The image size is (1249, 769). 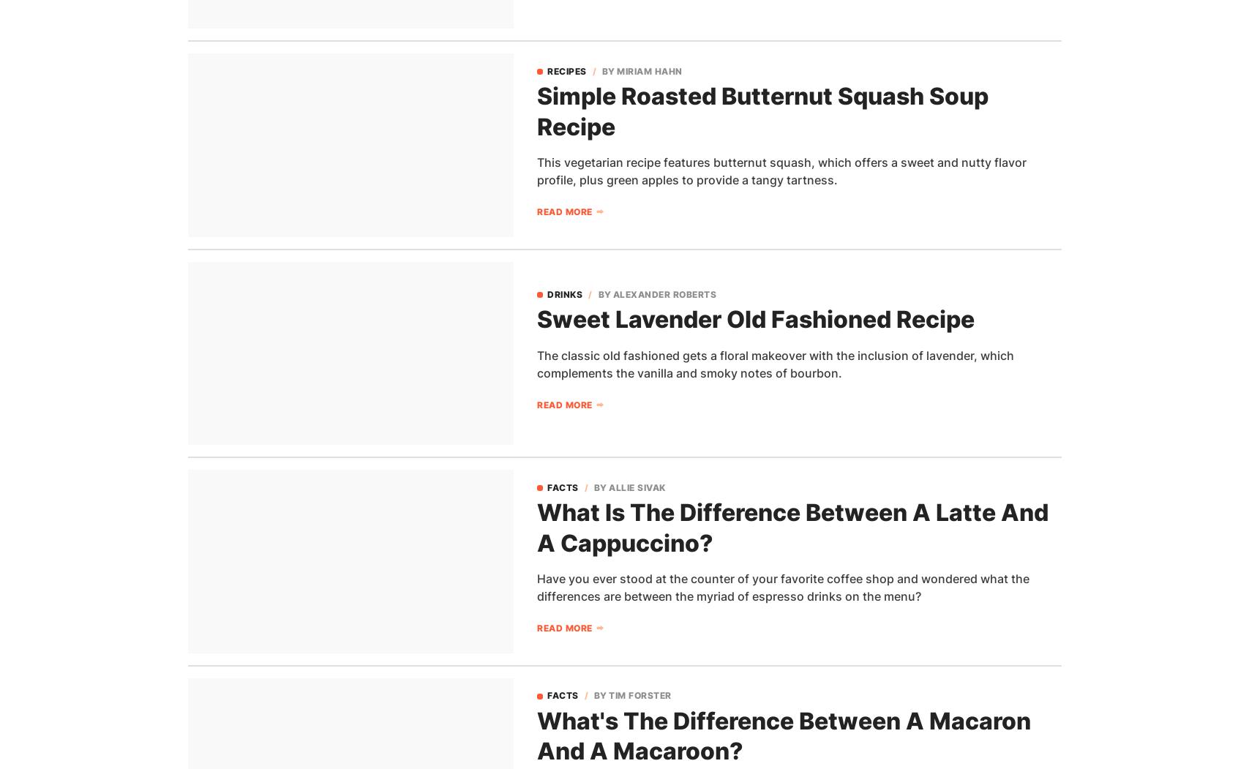 What do you see at coordinates (639, 694) in the screenshot?
I see `'Tim Forster'` at bounding box center [639, 694].